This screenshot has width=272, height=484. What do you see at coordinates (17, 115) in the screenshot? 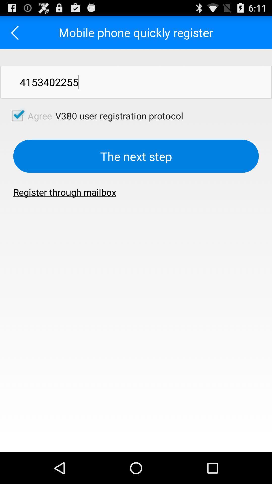
I see `agree` at bounding box center [17, 115].